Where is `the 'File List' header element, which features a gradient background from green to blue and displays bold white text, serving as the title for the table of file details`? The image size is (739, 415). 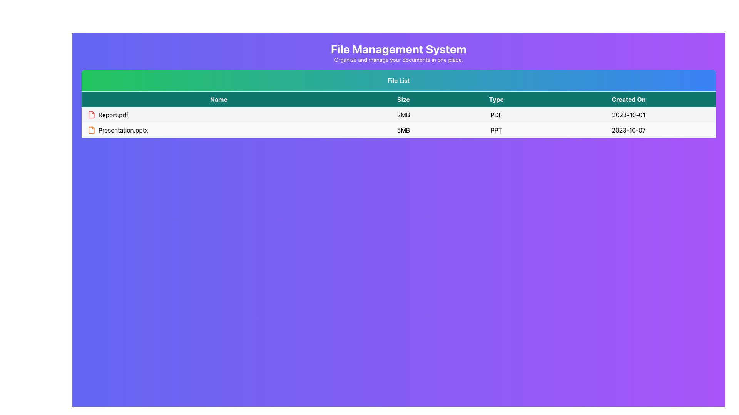 the 'File List' header element, which features a gradient background from green to blue and displays bold white text, serving as the title for the table of file details is located at coordinates (399, 80).